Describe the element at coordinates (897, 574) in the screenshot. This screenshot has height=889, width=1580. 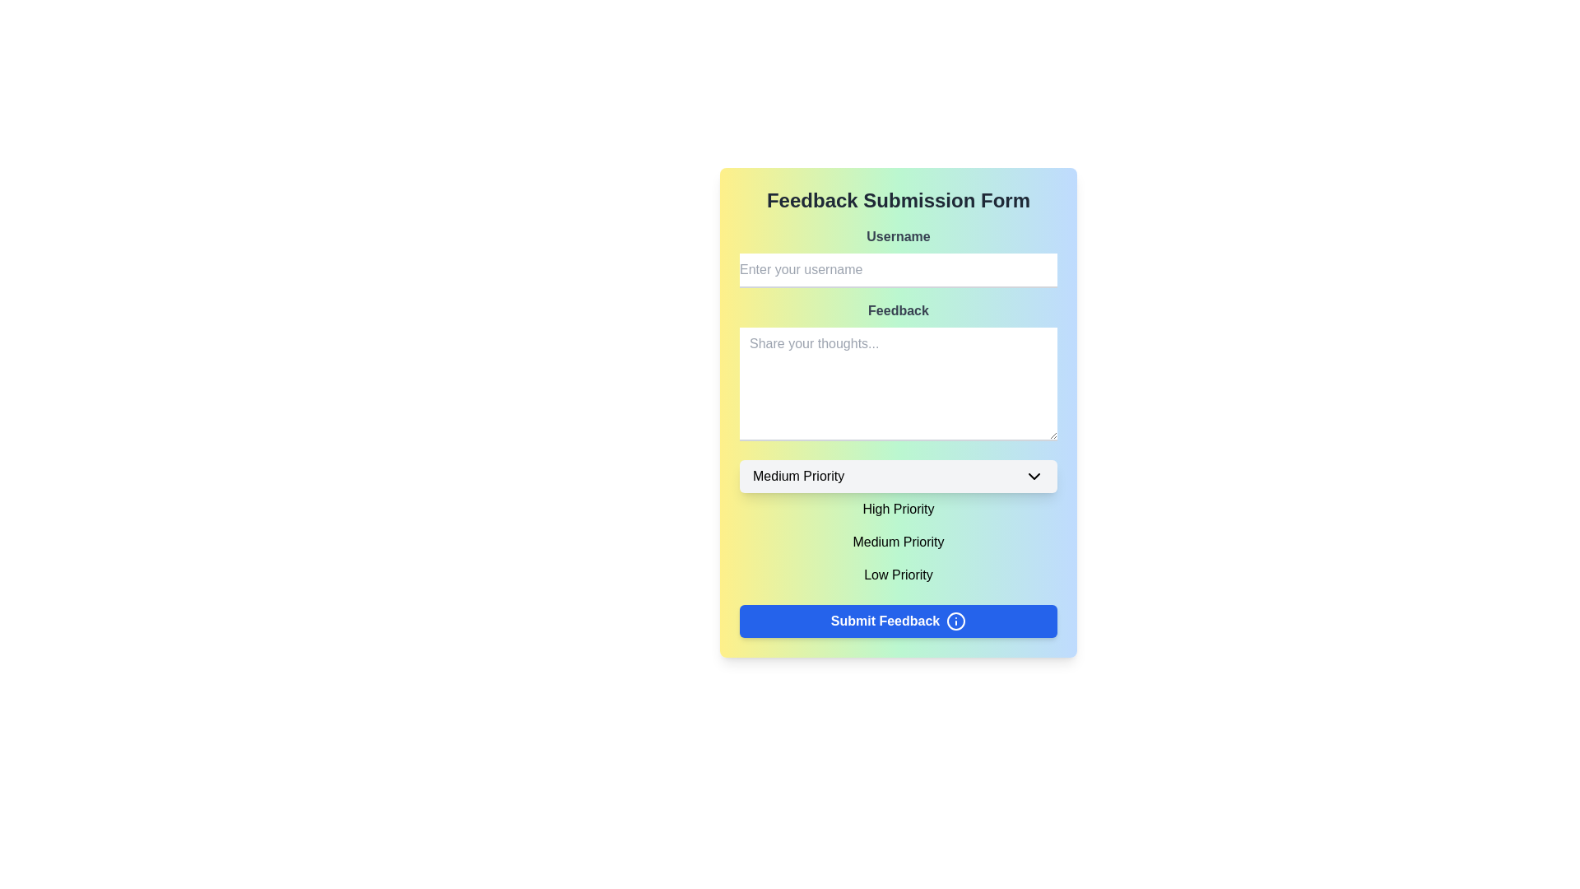
I see `the 'Low Priority' dropdown option, which is the third item in the dropdown menu under 'Medium Priority'` at that location.